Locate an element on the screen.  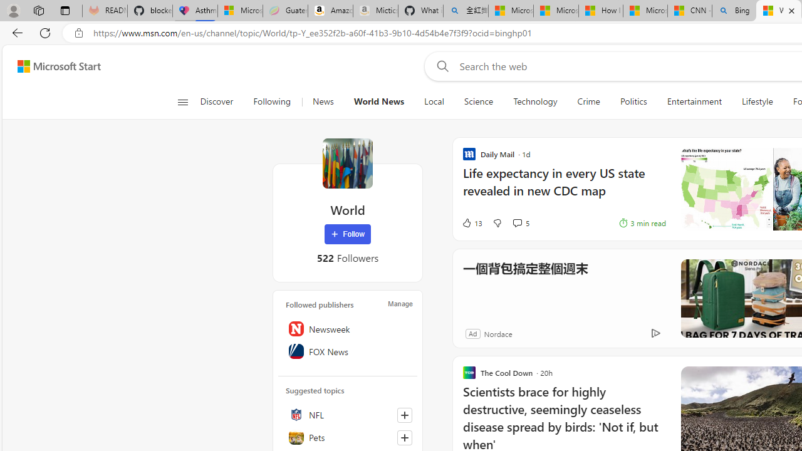
'View comments 5 Comment' is located at coordinates (517, 222).